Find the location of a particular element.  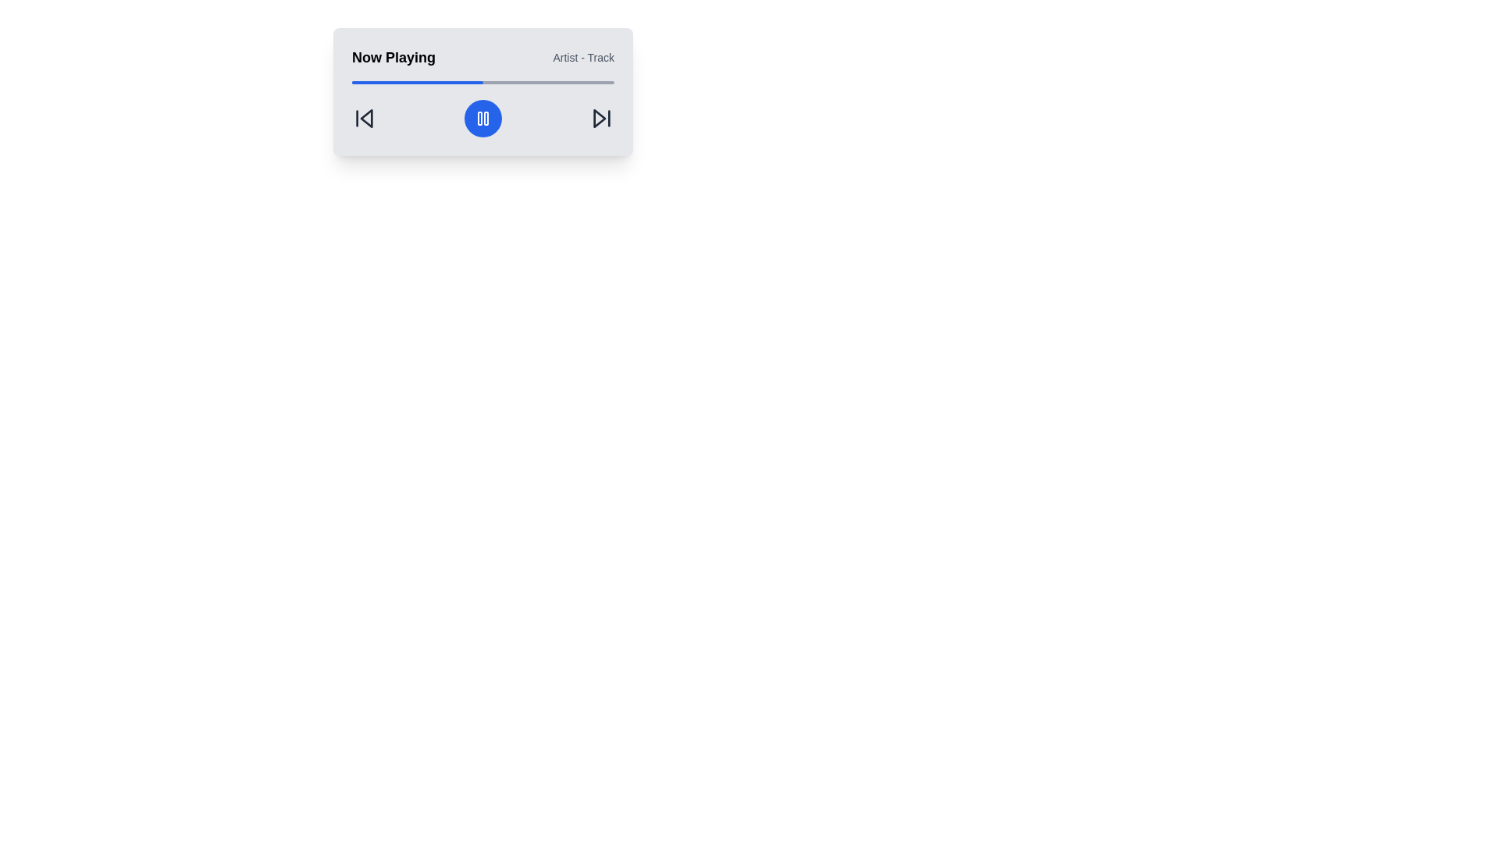

the playback toggle button is located at coordinates (482, 117).